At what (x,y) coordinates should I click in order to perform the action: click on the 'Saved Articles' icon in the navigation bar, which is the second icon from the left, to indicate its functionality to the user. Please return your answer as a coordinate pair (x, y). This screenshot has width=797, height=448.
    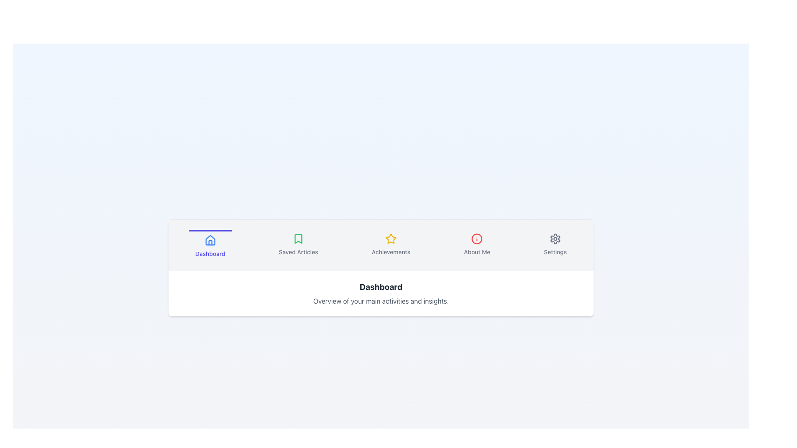
    Looking at the image, I should click on (298, 239).